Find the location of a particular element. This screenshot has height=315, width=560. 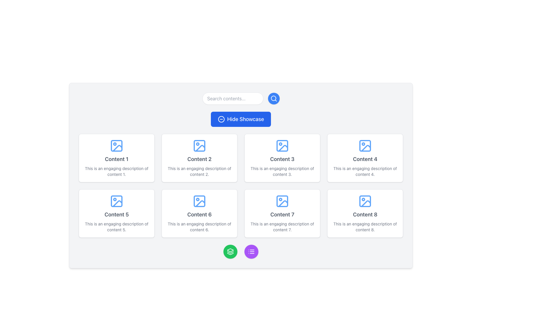

the Text label that provides additional detail about the content item labeled 'Content 5', located at the bottom section of the card is located at coordinates (116, 227).